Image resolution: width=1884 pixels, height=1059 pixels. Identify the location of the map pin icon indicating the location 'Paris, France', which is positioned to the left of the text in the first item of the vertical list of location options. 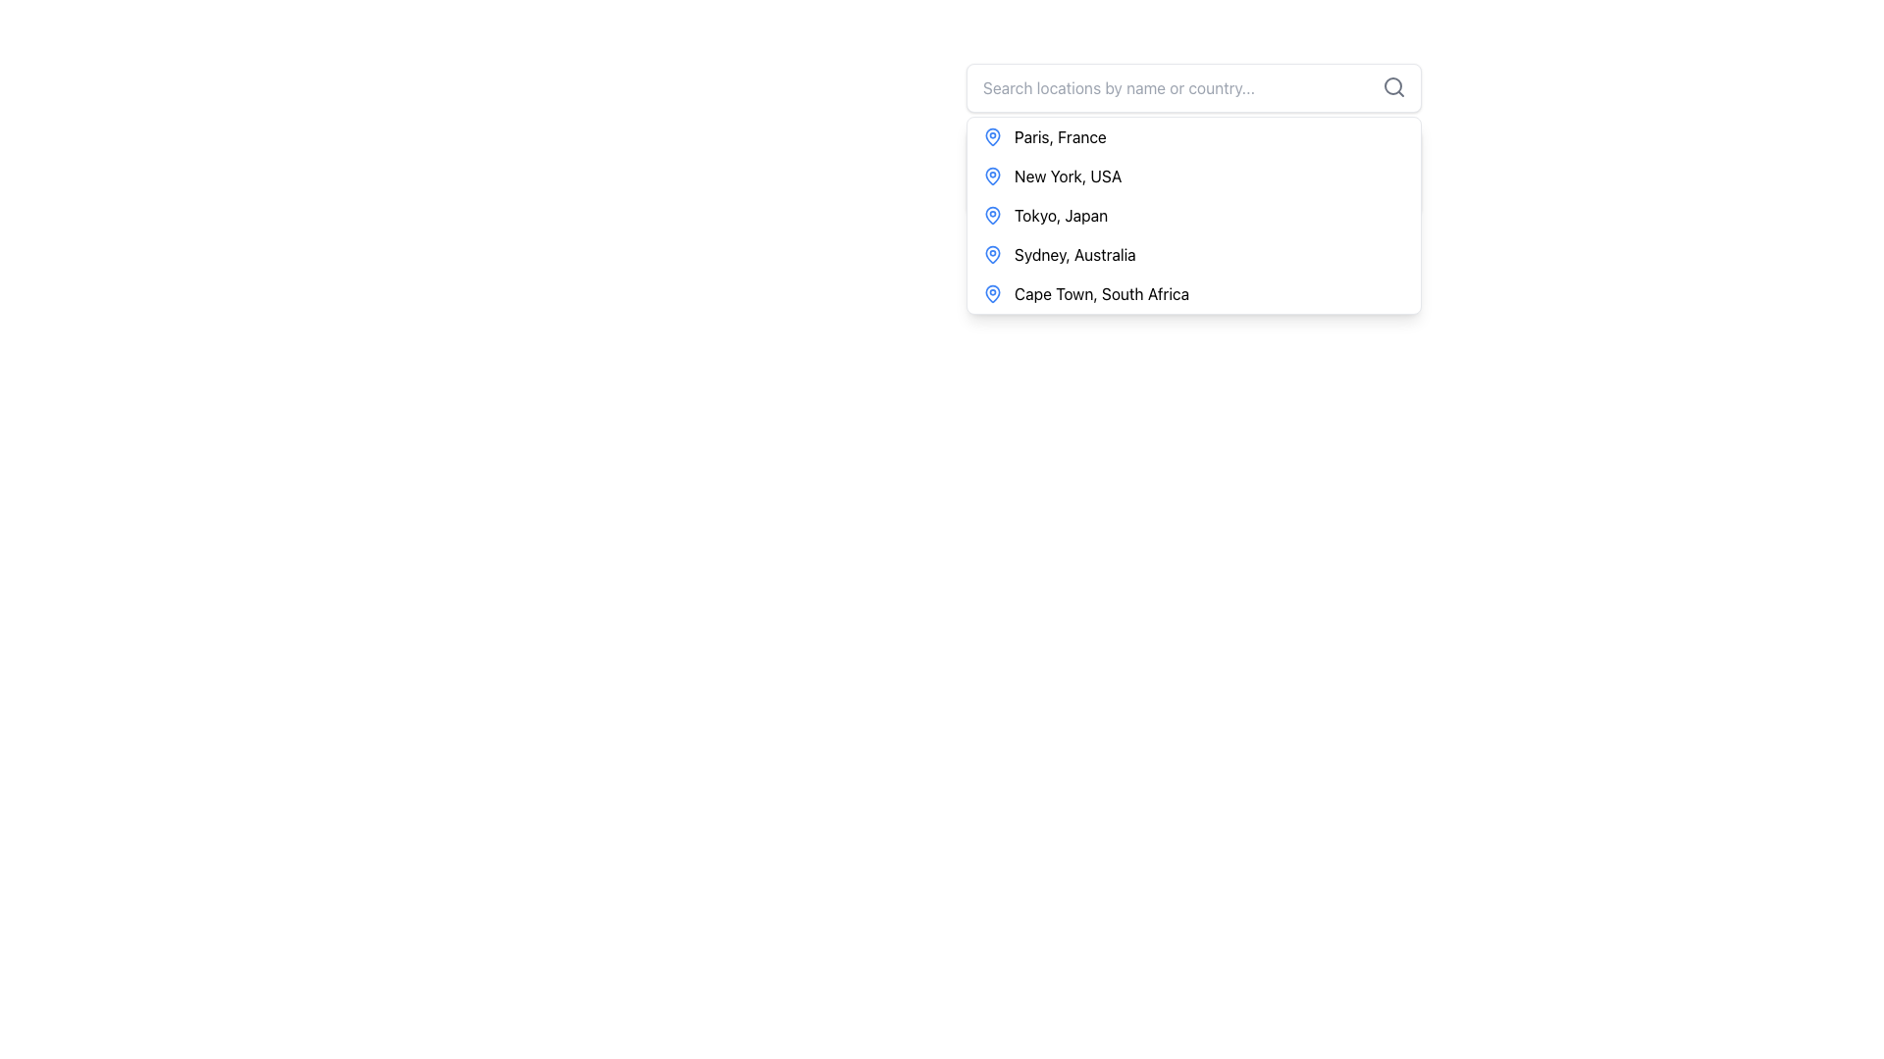
(993, 135).